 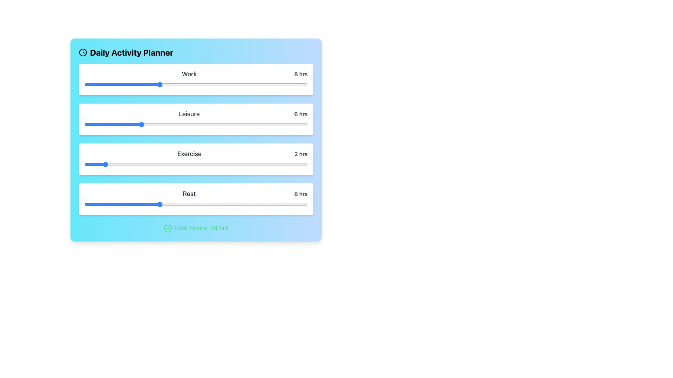 What do you see at coordinates (224, 84) in the screenshot?
I see `'Work' hours` at bounding box center [224, 84].